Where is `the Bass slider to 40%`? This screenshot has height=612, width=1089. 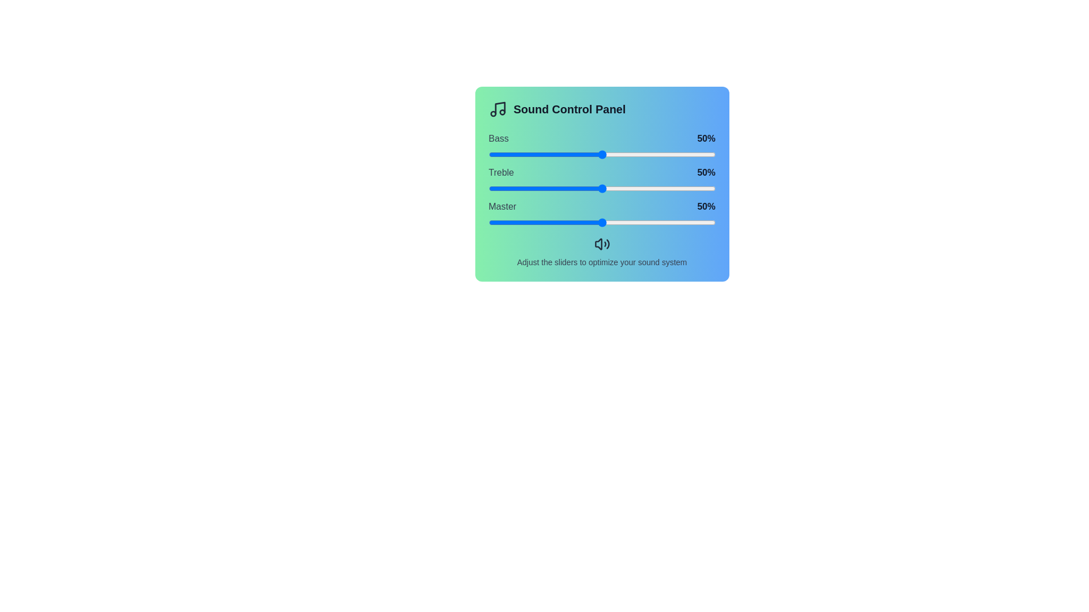
the Bass slider to 40% is located at coordinates (579, 155).